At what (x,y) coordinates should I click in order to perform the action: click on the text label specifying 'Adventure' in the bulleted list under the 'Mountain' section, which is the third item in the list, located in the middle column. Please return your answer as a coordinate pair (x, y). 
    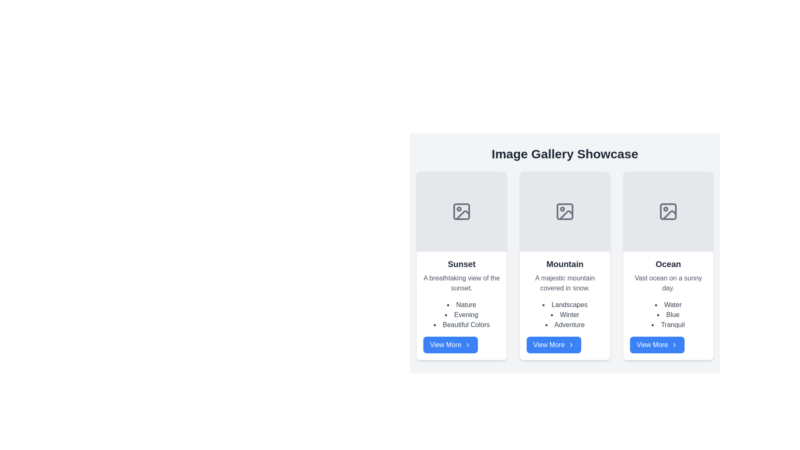
    Looking at the image, I should click on (565, 324).